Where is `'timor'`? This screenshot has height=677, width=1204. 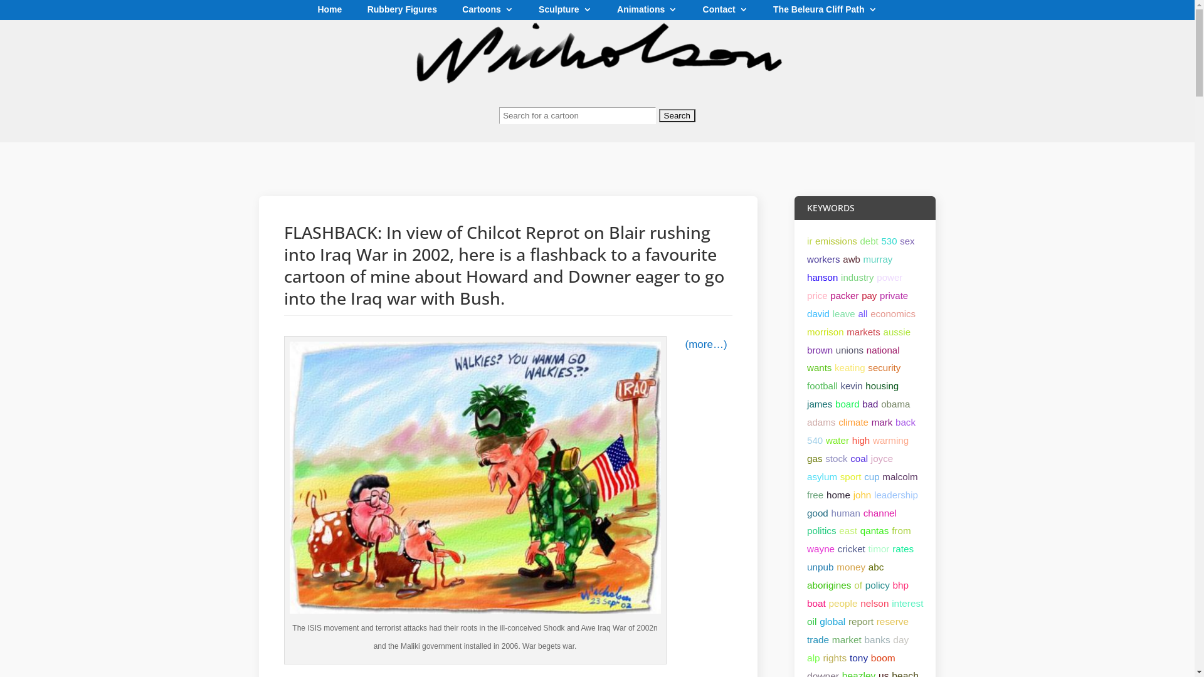 'timor' is located at coordinates (878, 548).